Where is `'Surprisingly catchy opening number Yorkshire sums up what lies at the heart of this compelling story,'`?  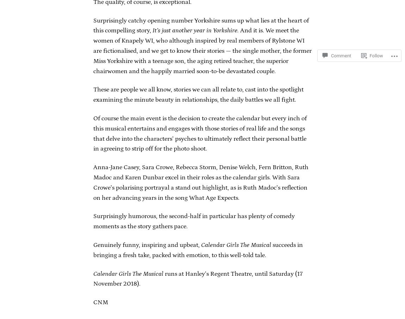 'Surprisingly catchy opening number Yorkshire sums up what lies at the heart of this compelling story,' is located at coordinates (201, 25).